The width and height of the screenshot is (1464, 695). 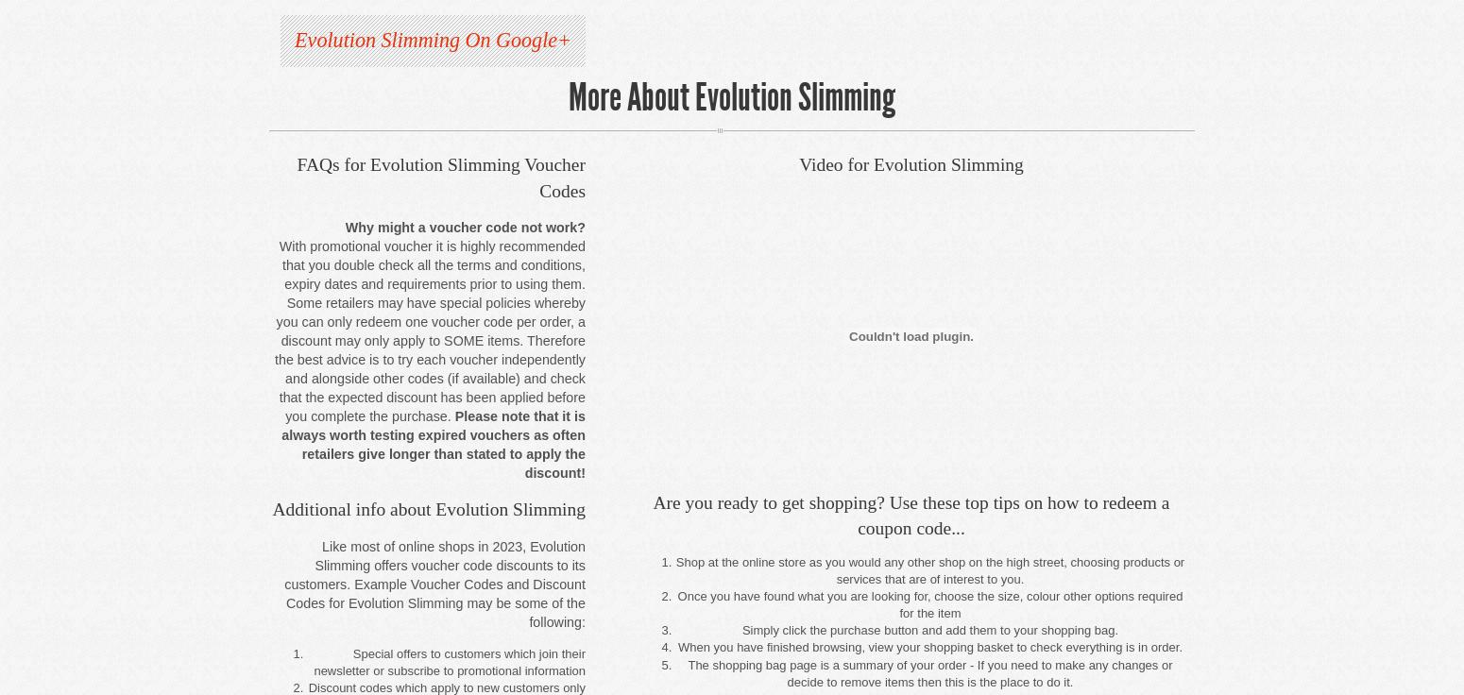 What do you see at coordinates (429, 331) in the screenshot?
I see `'With promotional voucher it is highly recommended that you double check all the terms and conditions, expiry dates and requirements prior to using them. Some retailers may have special policies whereby you can only redeem one voucher code per order, a discount may only apply to SOME items. Therefore the best advice is to try each voucher independently and alongside other codes (if available) and check that the expected discount has been applied before you complete the purchase.'` at bounding box center [429, 331].